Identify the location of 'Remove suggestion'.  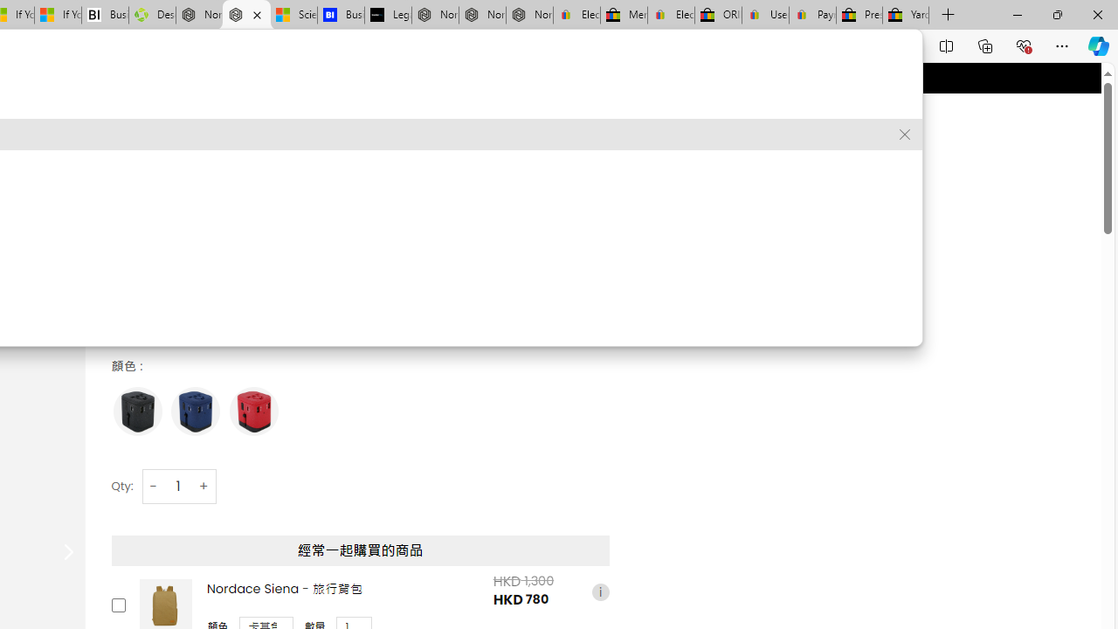
(905, 134).